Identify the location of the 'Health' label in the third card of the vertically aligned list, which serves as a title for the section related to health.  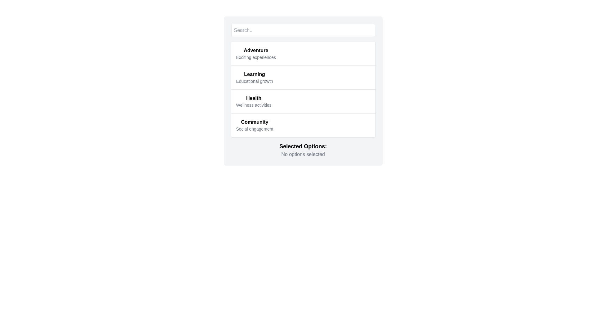
(254, 98).